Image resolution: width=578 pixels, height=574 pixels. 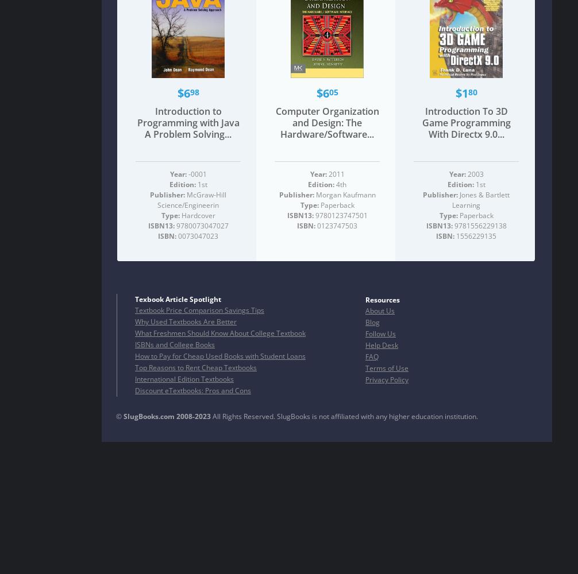 I want to click on 'International Edition Textbooks', so click(x=184, y=379).